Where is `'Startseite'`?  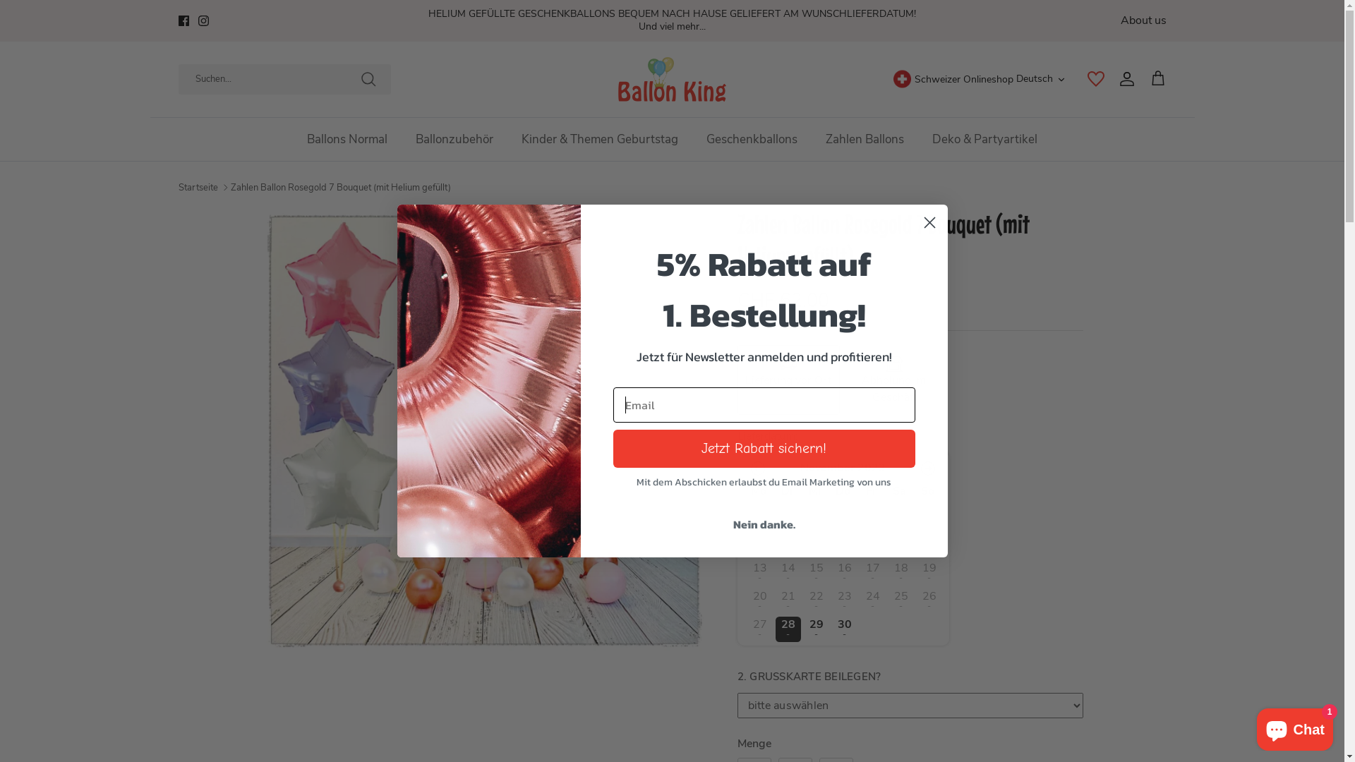
'Startseite' is located at coordinates (196, 187).